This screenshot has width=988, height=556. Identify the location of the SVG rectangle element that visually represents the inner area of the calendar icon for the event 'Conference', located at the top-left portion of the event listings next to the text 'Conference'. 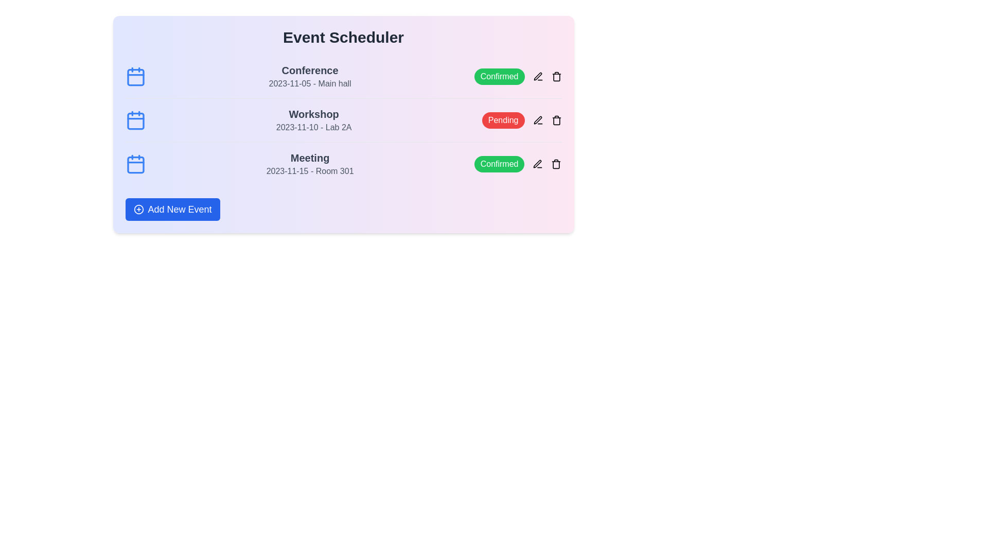
(135, 77).